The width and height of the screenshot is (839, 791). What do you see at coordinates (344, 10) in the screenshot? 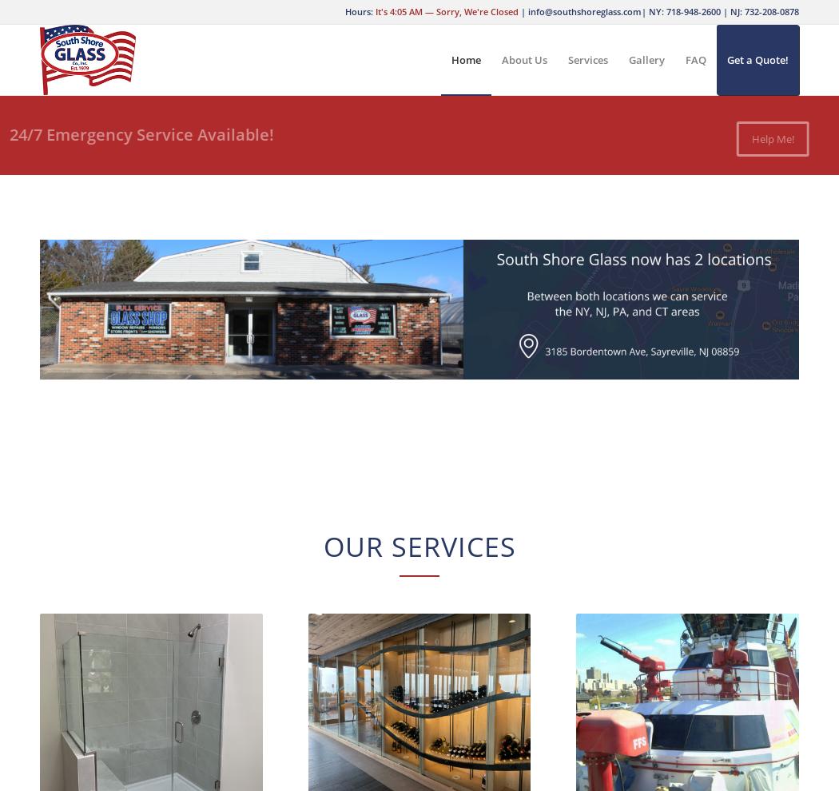
I see `'Hours:'` at bounding box center [344, 10].